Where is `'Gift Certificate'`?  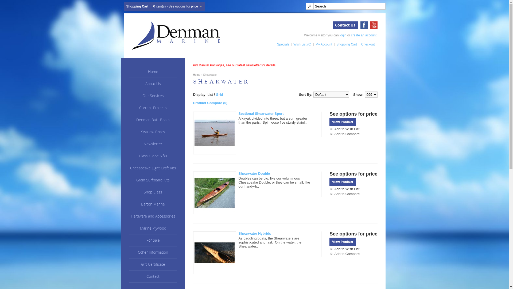
'Gift Certificate' is located at coordinates (152, 264).